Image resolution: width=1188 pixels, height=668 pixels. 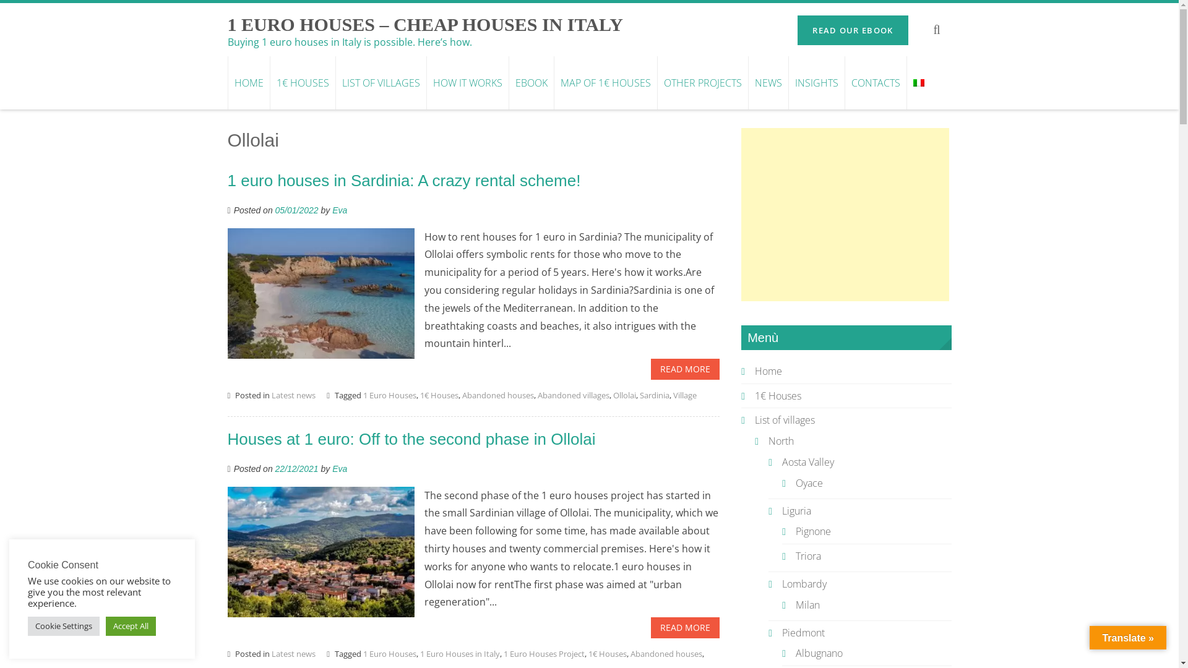 I want to click on 'Lombardy', so click(x=781, y=584).